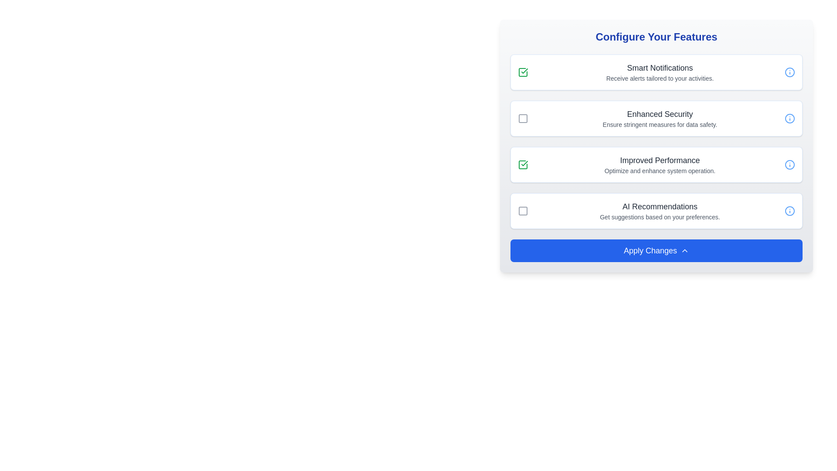  What do you see at coordinates (524, 163) in the screenshot?
I see `the decorative SVG checkmark icon associated with the 'Improved Performance' checkbox option, which indicates that the option is selected within the feature configuration list` at bounding box center [524, 163].